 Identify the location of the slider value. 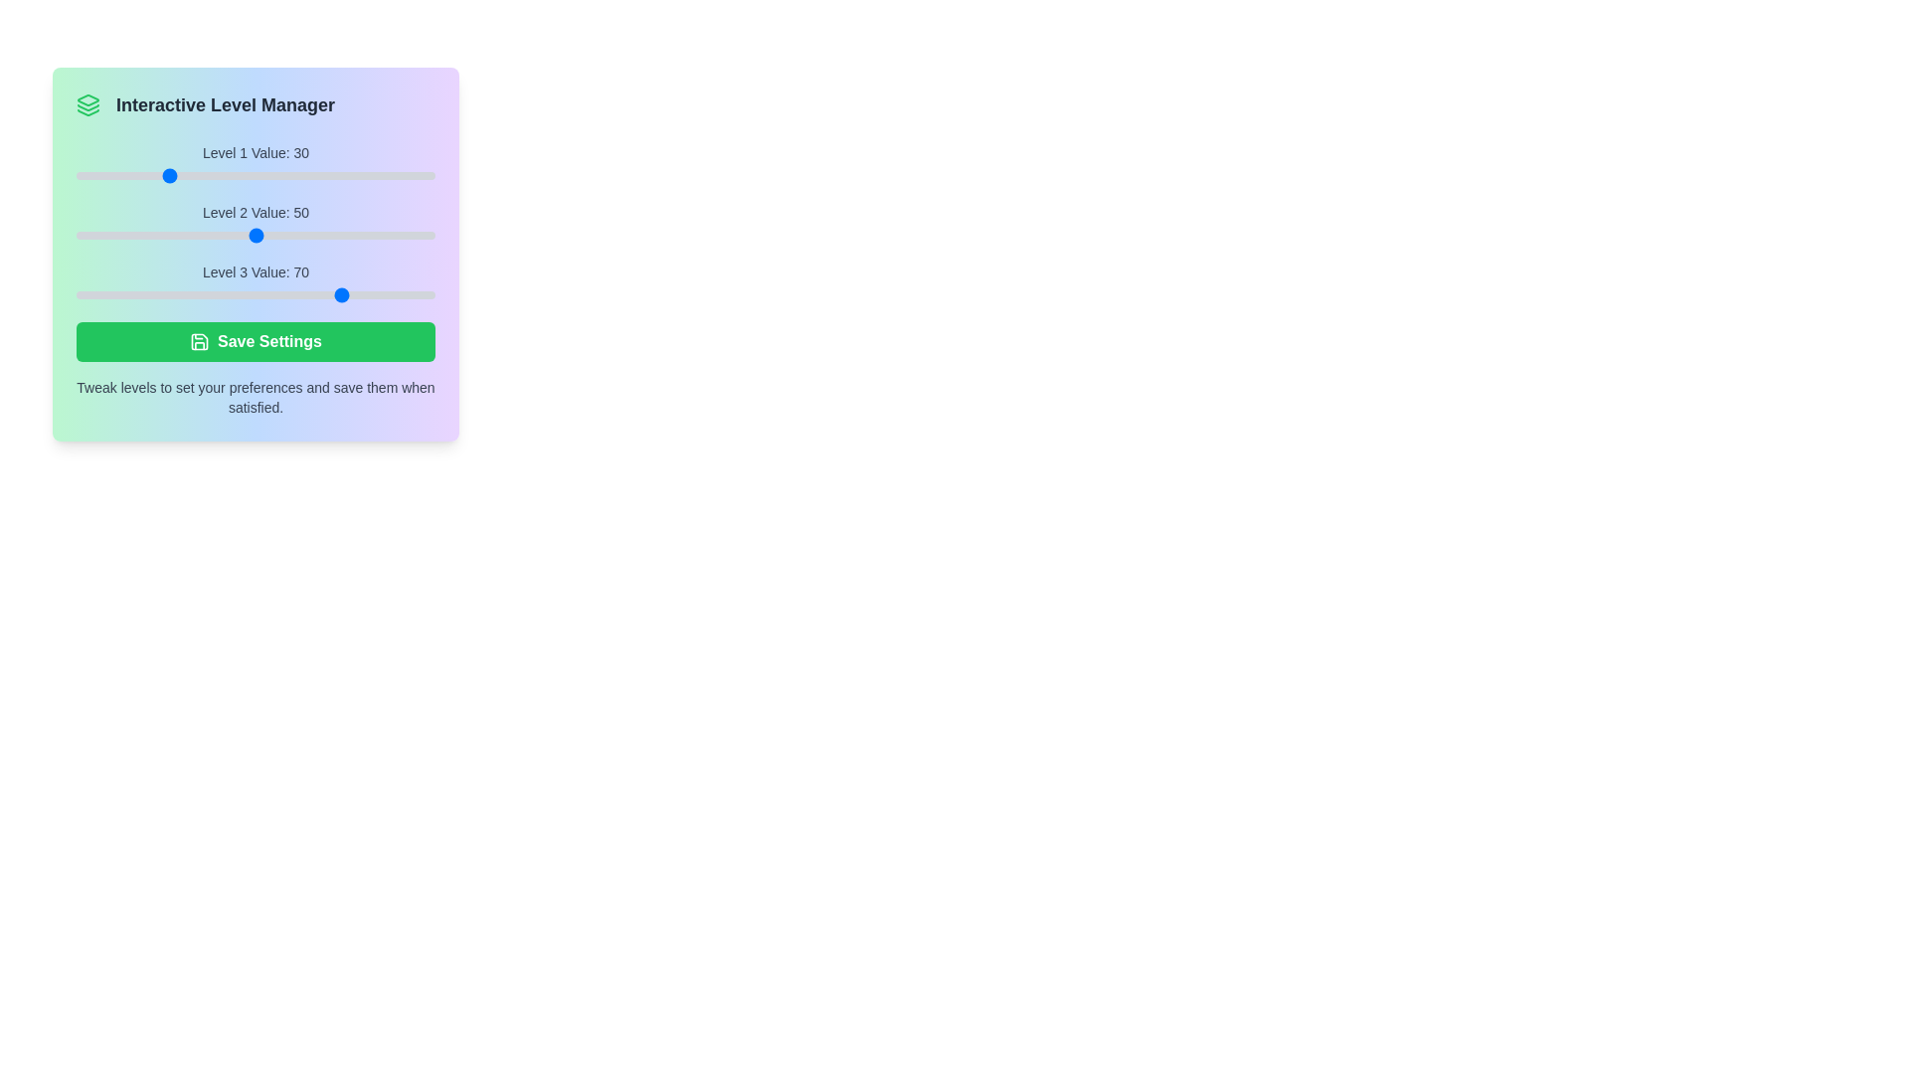
(211, 234).